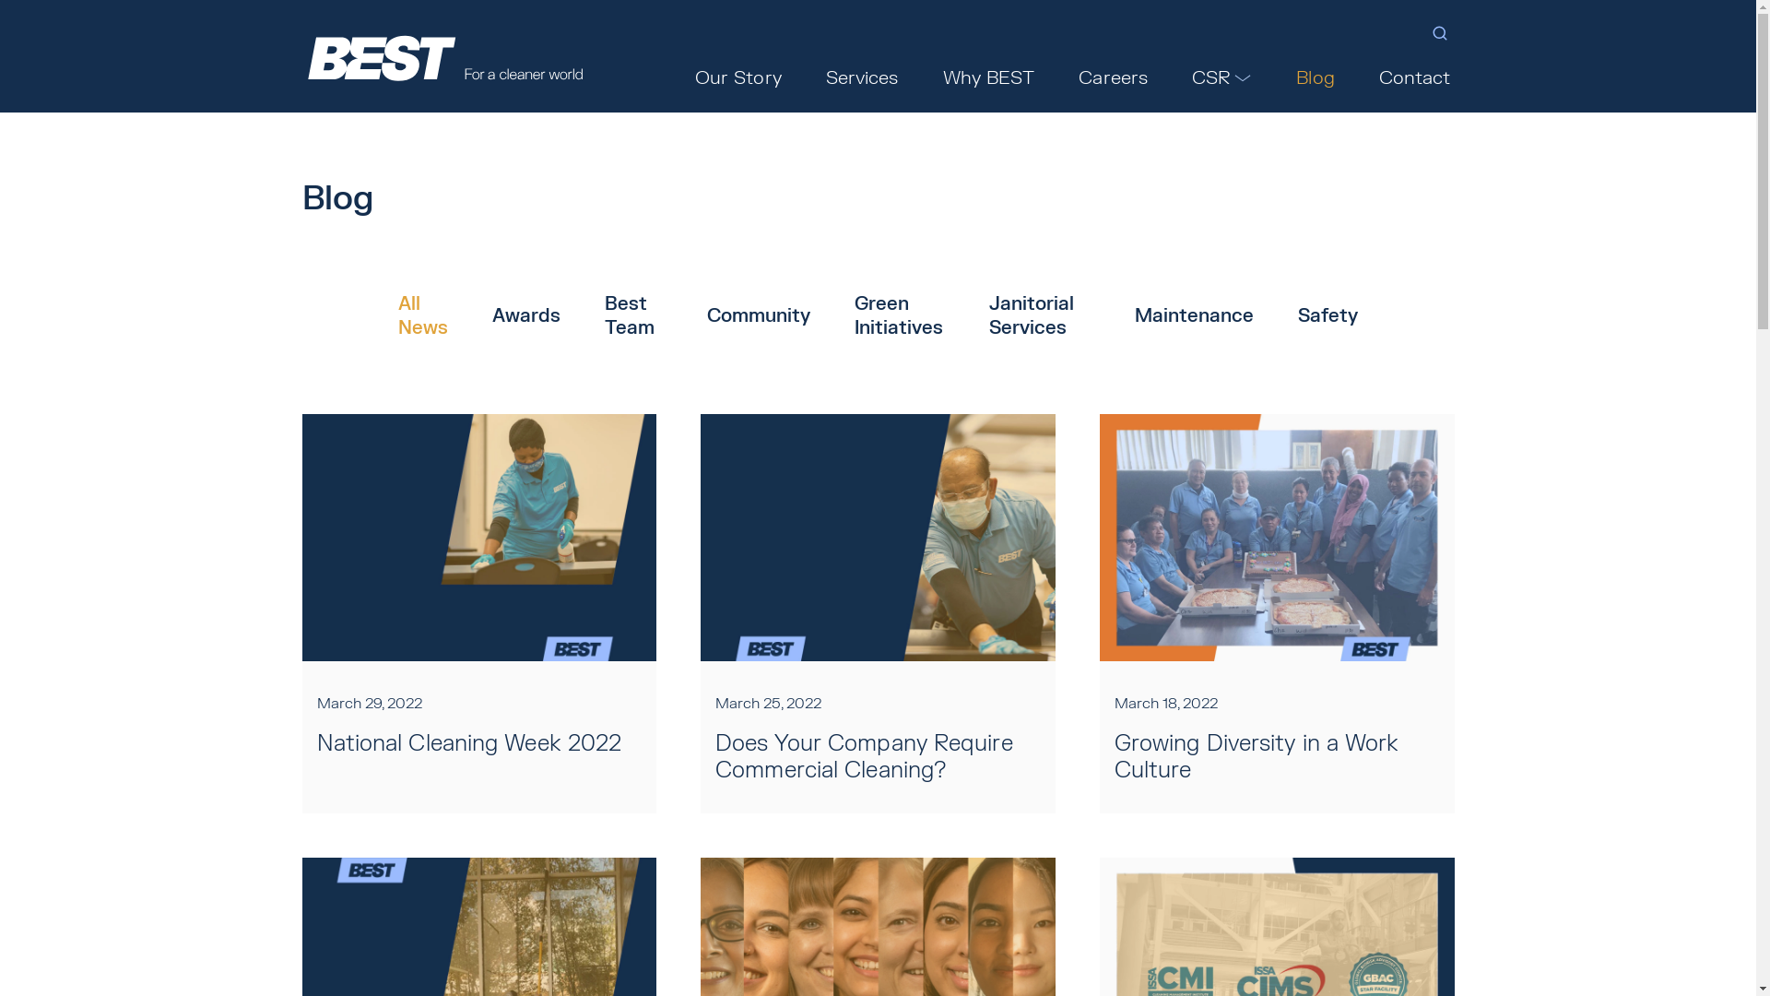 The width and height of the screenshot is (1770, 996). Describe the element at coordinates (1221, 77) in the screenshot. I see `'CSR'` at that location.